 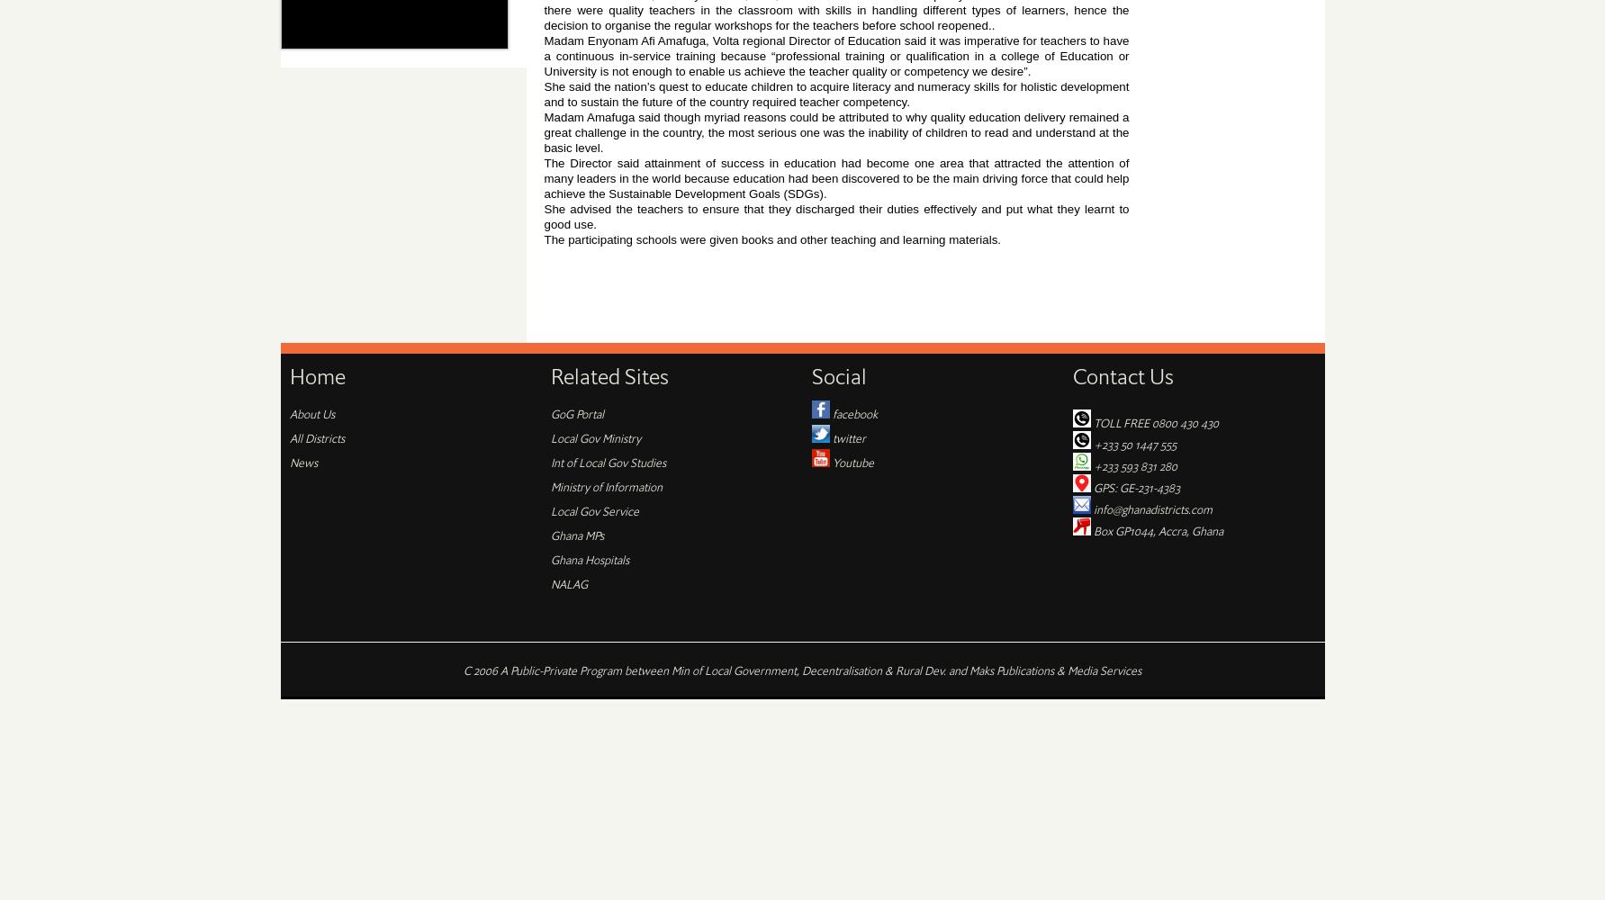 I want to click on 'Local Gov Ministry', so click(x=594, y=436).